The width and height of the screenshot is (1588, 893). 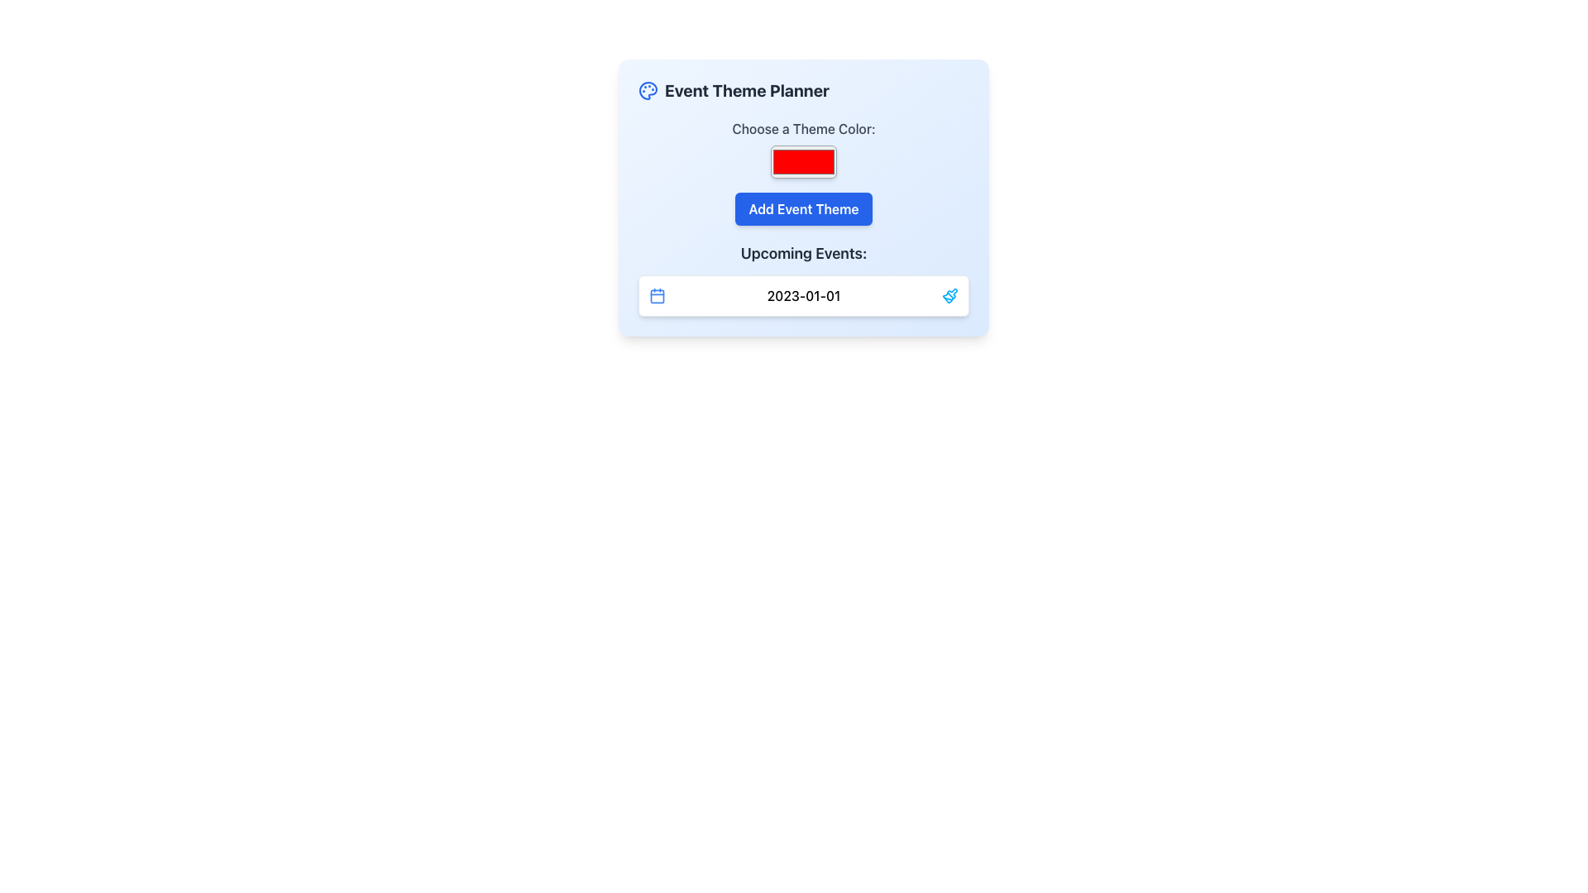 What do you see at coordinates (949, 295) in the screenshot?
I see `the interactive icon located beneath the text '2023-01-01' to initiate an editing action` at bounding box center [949, 295].